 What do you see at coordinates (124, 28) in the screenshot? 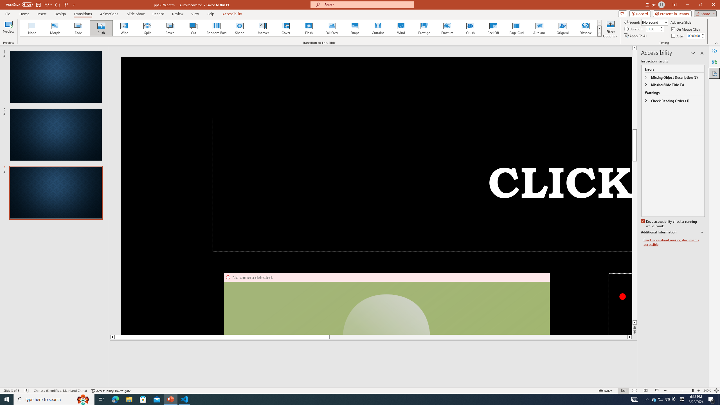
I see `'Wipe'` at bounding box center [124, 28].